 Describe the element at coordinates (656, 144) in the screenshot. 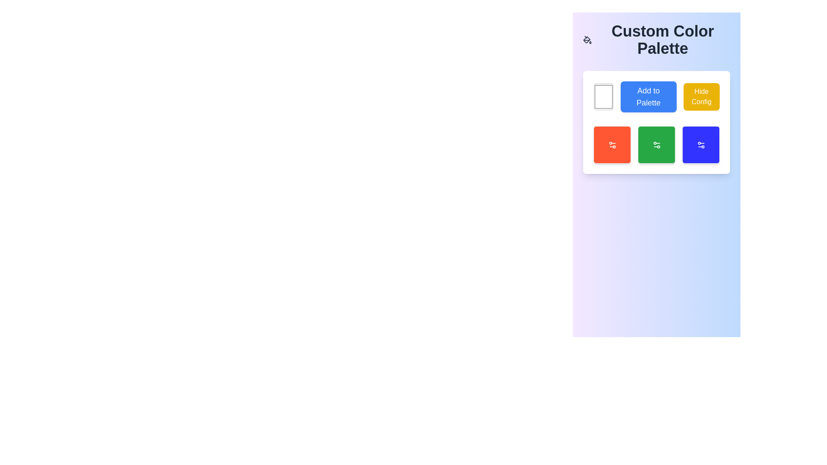

I see `the middle button in the bottom row of square-shaped icons` at that location.